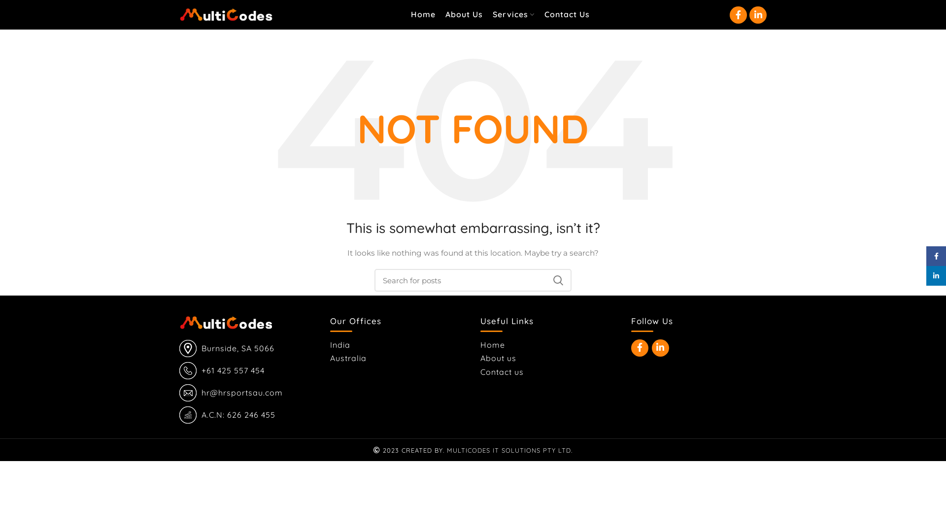  I want to click on 'MULTICODES IT SOLUTIONS PTY LTD.', so click(509, 450).